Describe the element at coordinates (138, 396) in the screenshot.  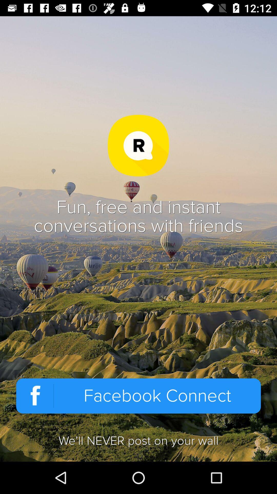
I see `app above the we ll never` at that location.